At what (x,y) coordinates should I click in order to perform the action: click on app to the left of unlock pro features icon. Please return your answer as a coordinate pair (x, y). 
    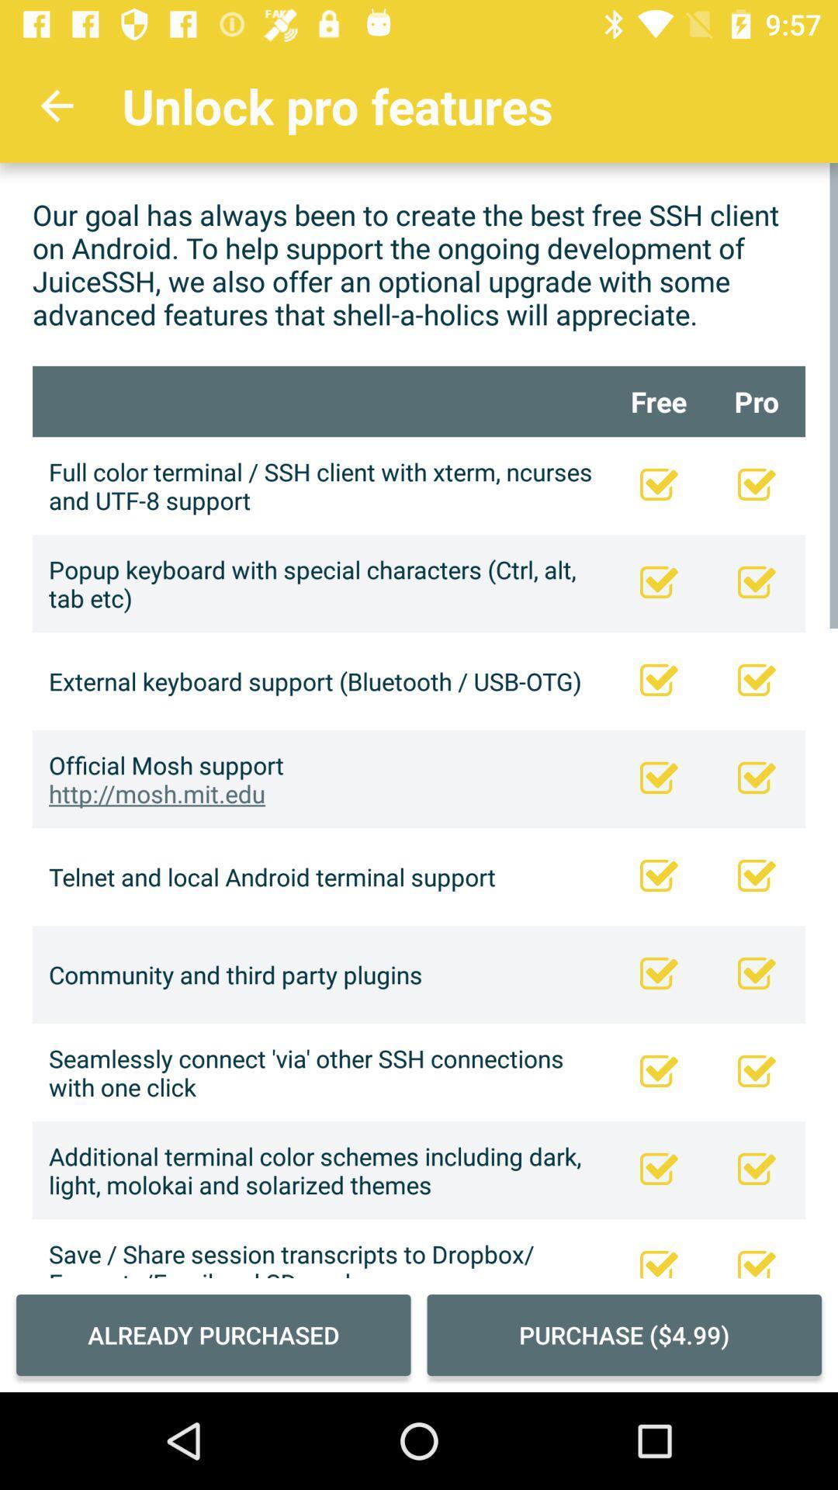
    Looking at the image, I should click on (56, 105).